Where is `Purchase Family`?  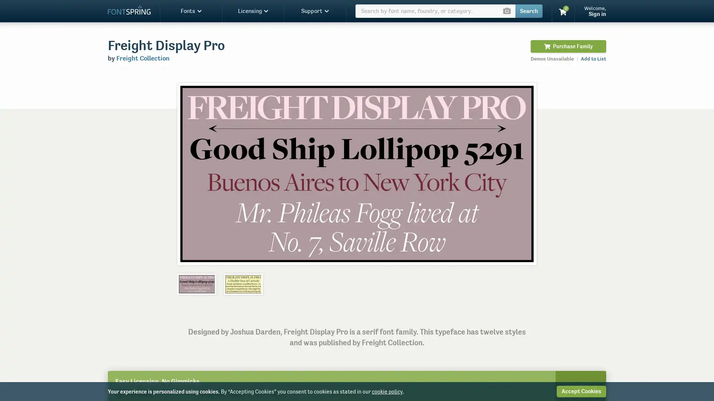
Purchase Family is located at coordinates (568, 46).